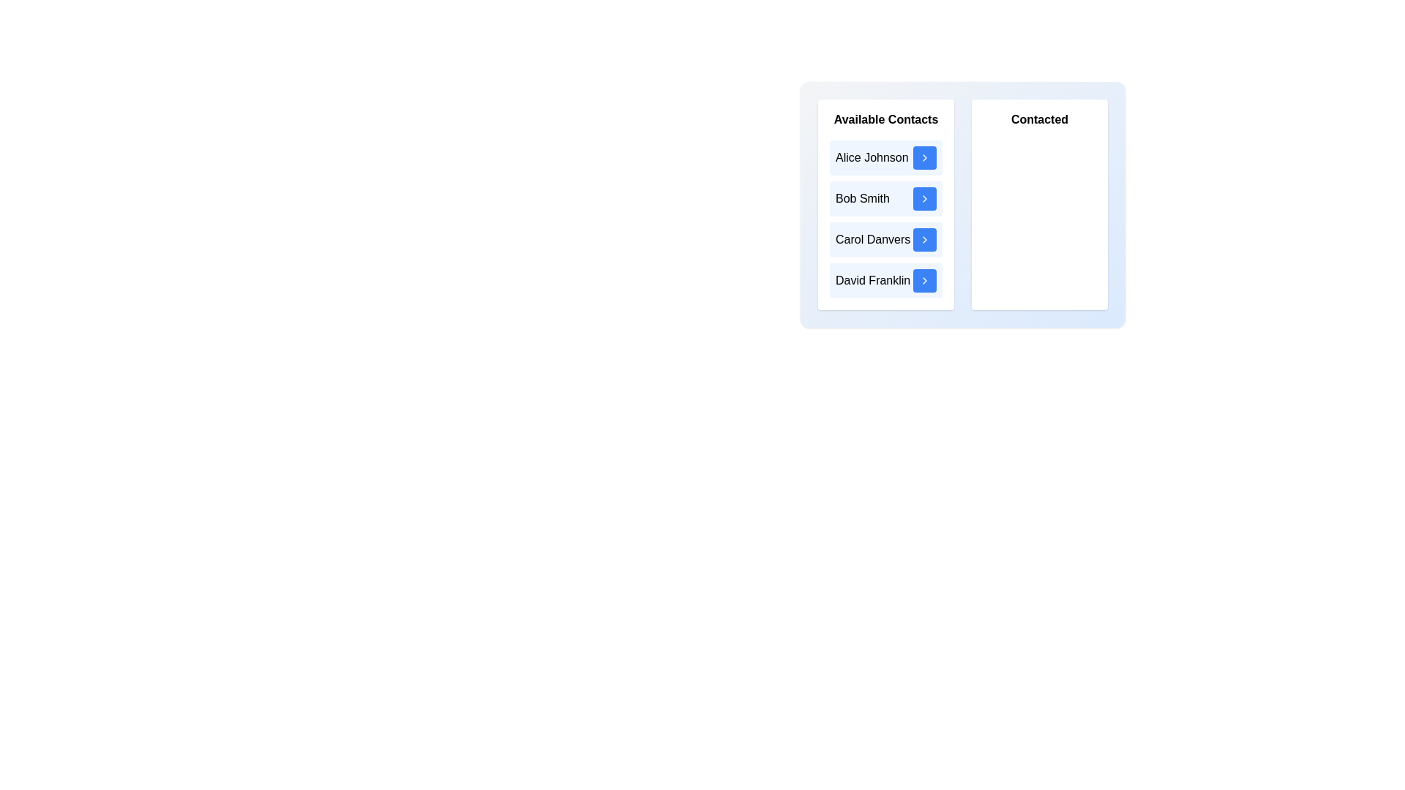  I want to click on right arrow button next to the contact Alice Johnson to move it to the 'Contacted' list, so click(923, 158).